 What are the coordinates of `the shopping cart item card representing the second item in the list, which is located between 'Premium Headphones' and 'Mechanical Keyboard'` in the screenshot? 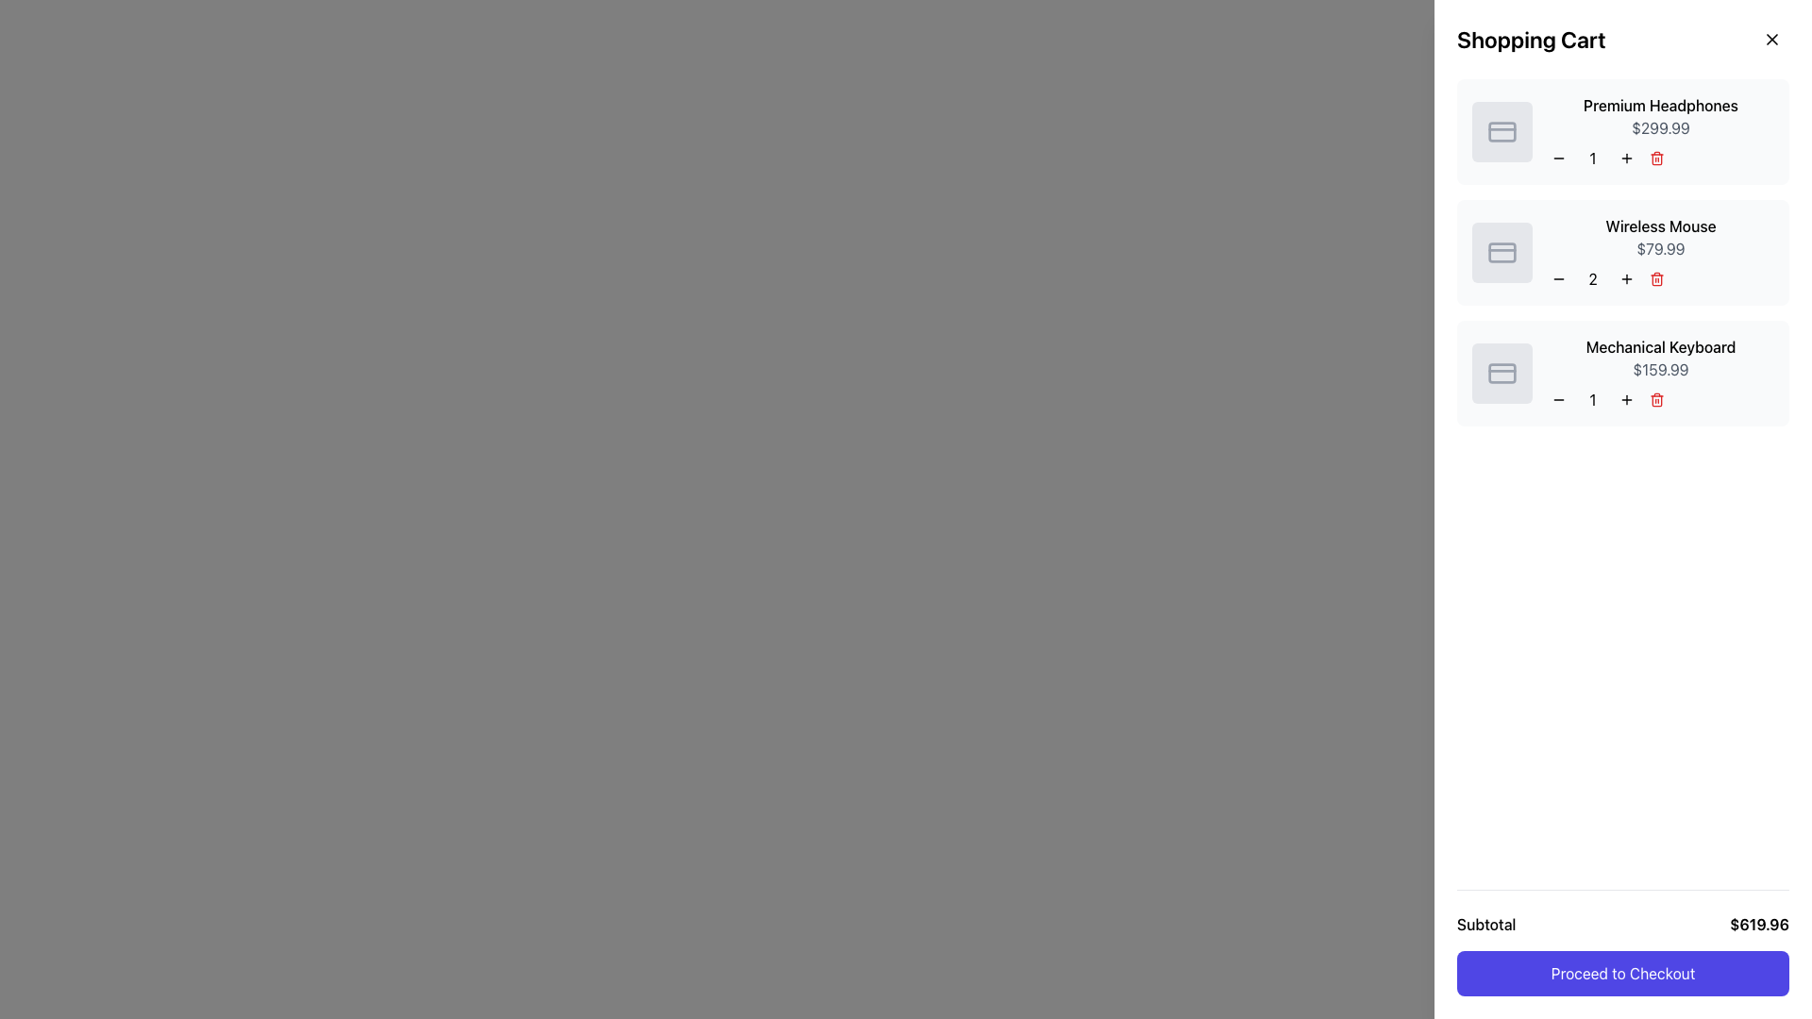 It's located at (1621, 251).